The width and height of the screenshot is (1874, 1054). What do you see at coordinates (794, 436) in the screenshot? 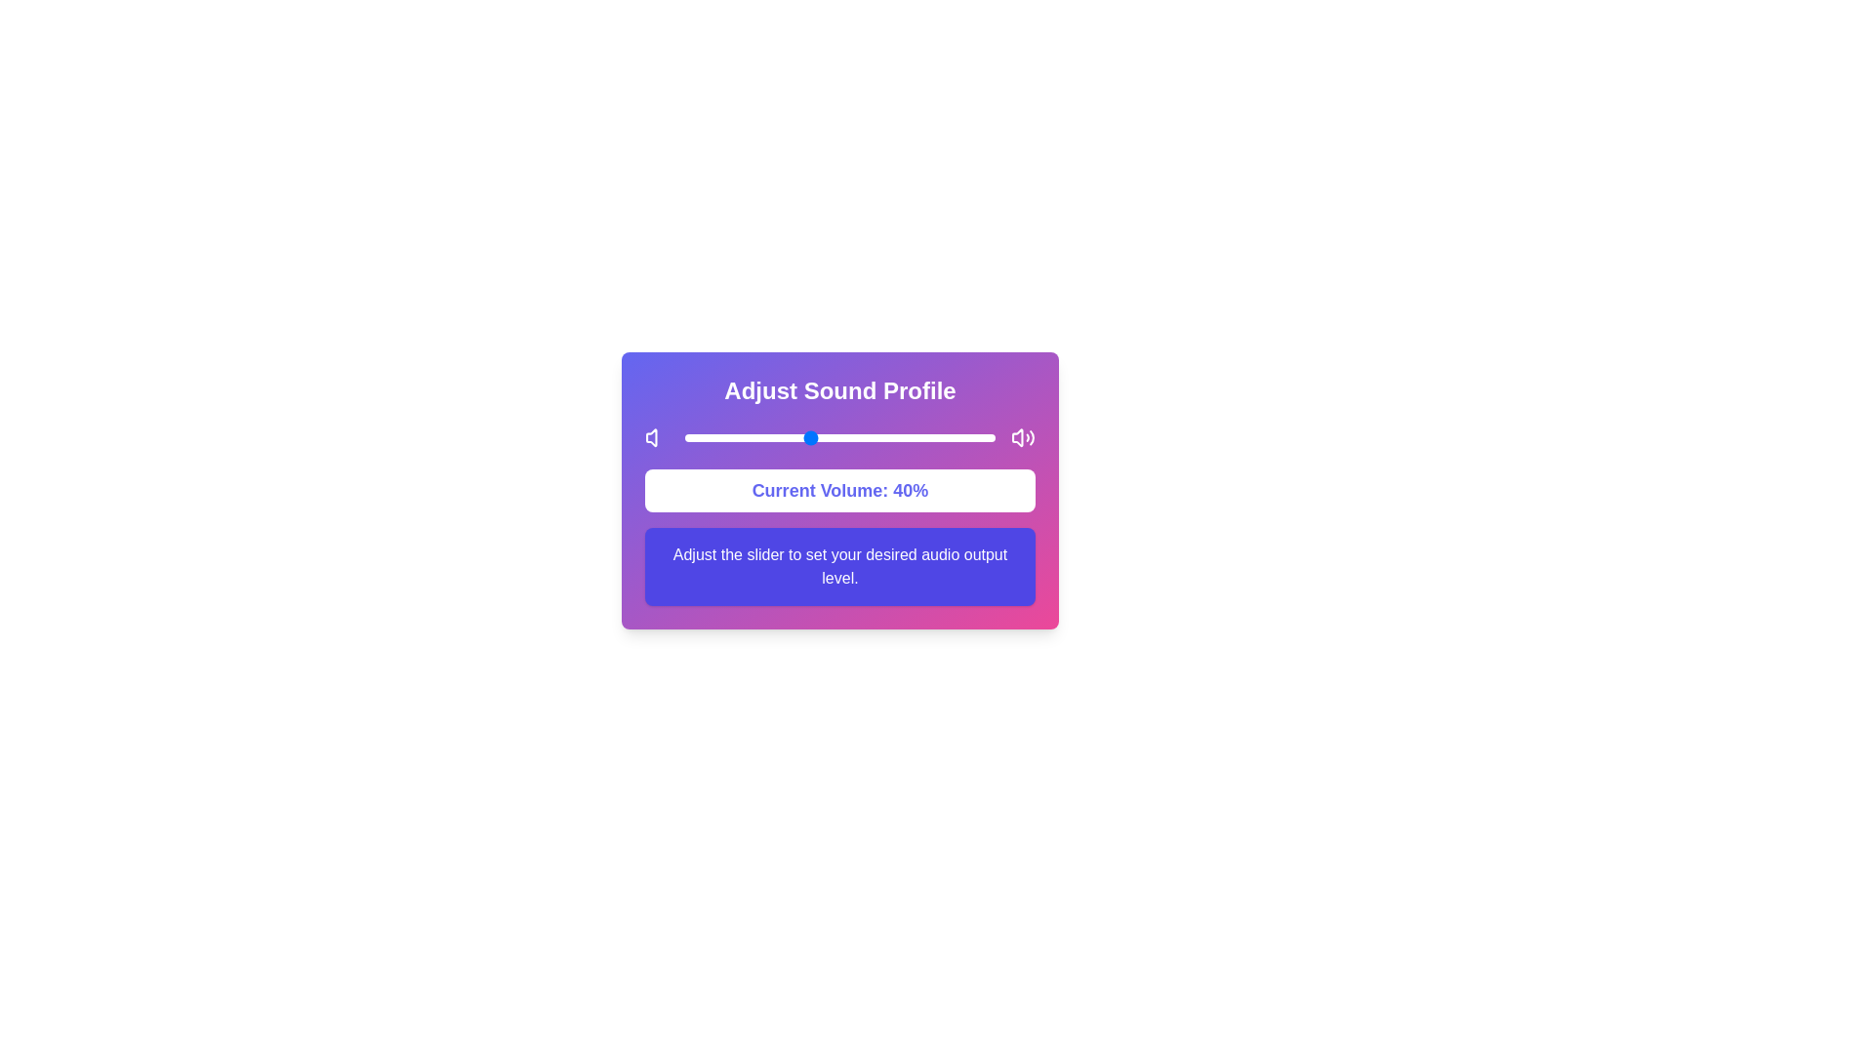
I see `the slider to set the sound level to 35` at bounding box center [794, 436].